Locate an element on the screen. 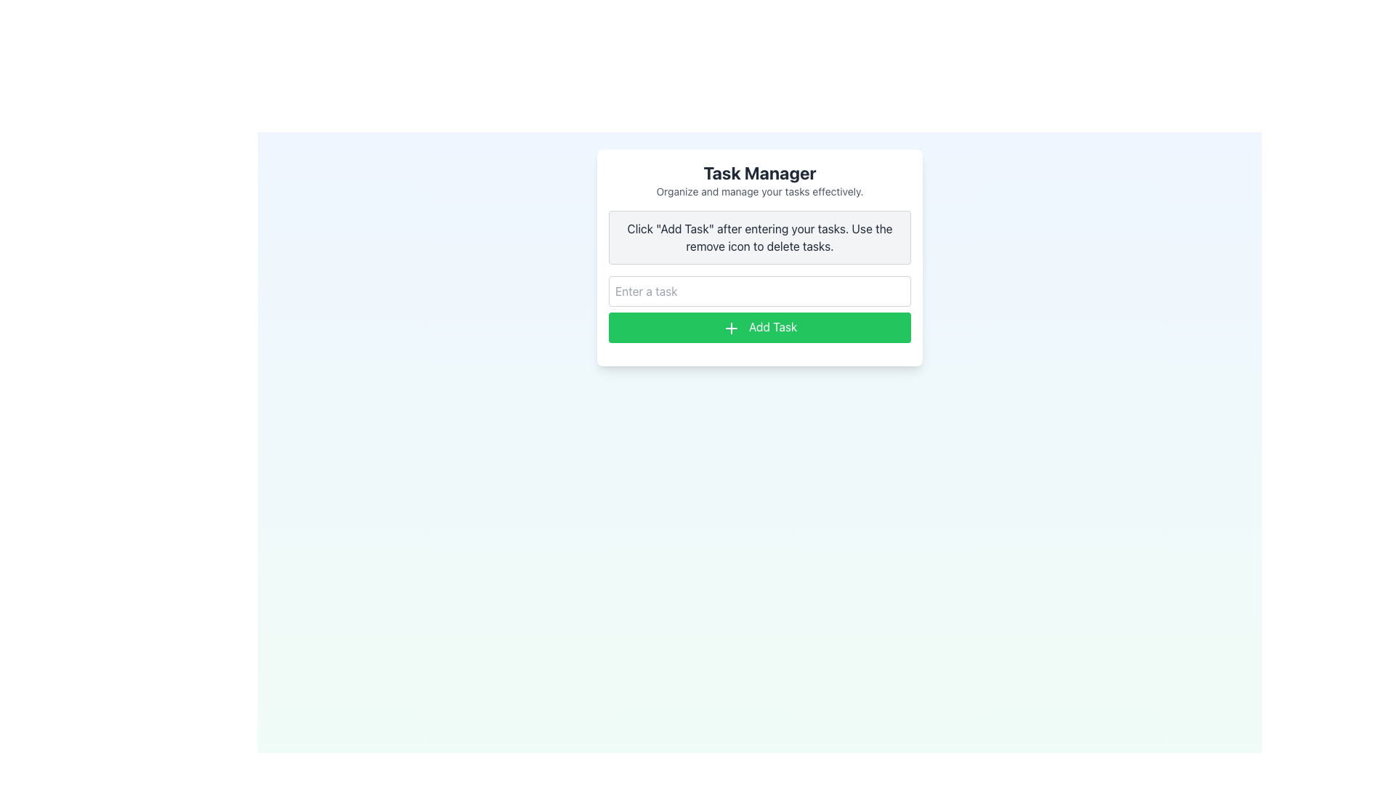  the grayish text label displaying 'Organize and manage your tasks effectively.' which is located beneath the 'Task Manager' header is located at coordinates (759, 190).